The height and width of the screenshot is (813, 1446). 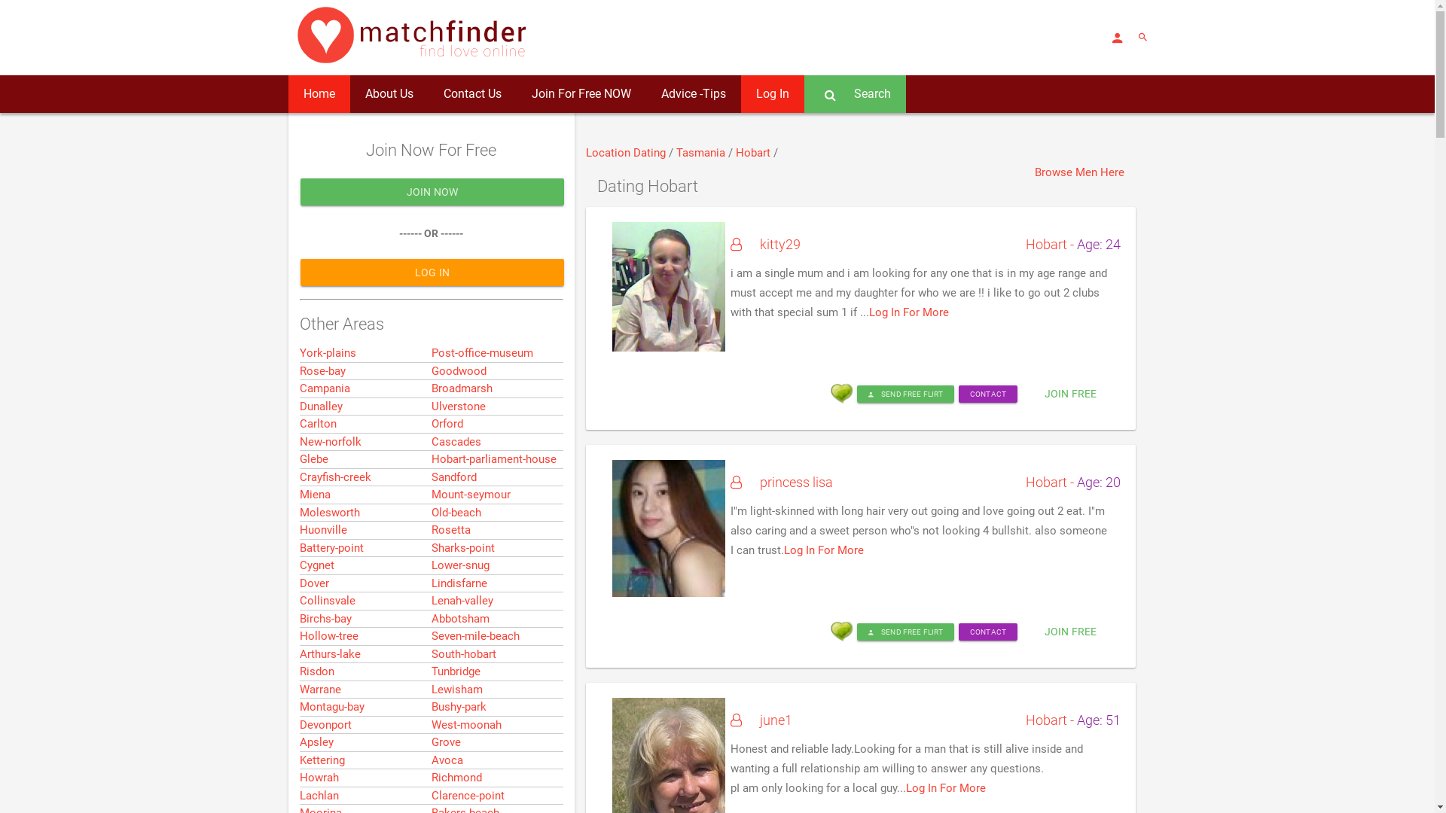 What do you see at coordinates (754, 153) in the screenshot?
I see `'Hobart'` at bounding box center [754, 153].